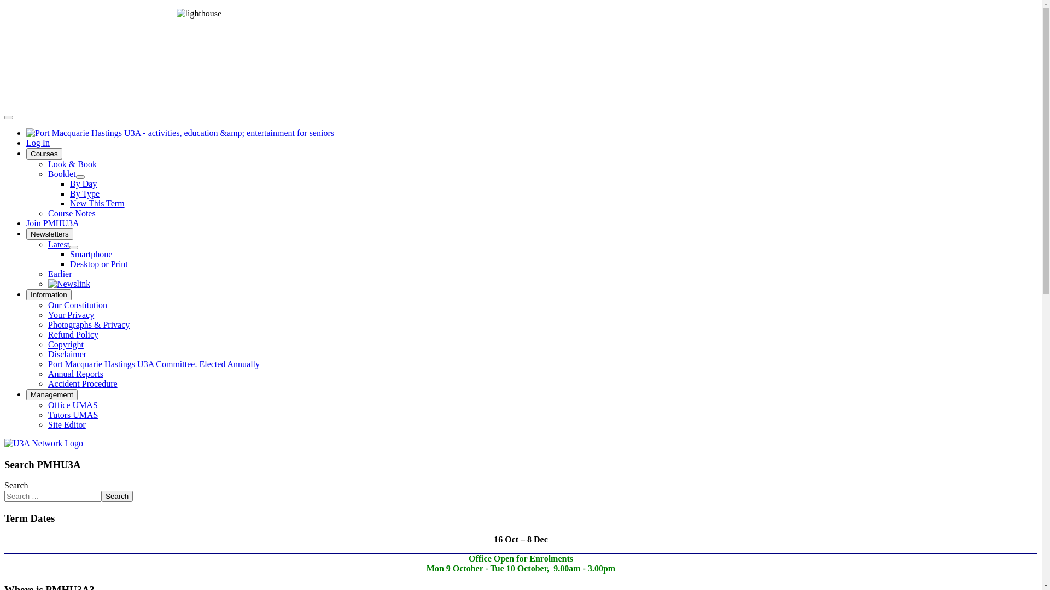 Image resolution: width=1050 pixels, height=590 pixels. What do you see at coordinates (153, 364) in the screenshot?
I see `'Port Macquarie Hastings U3A Committee. Elected Annually'` at bounding box center [153, 364].